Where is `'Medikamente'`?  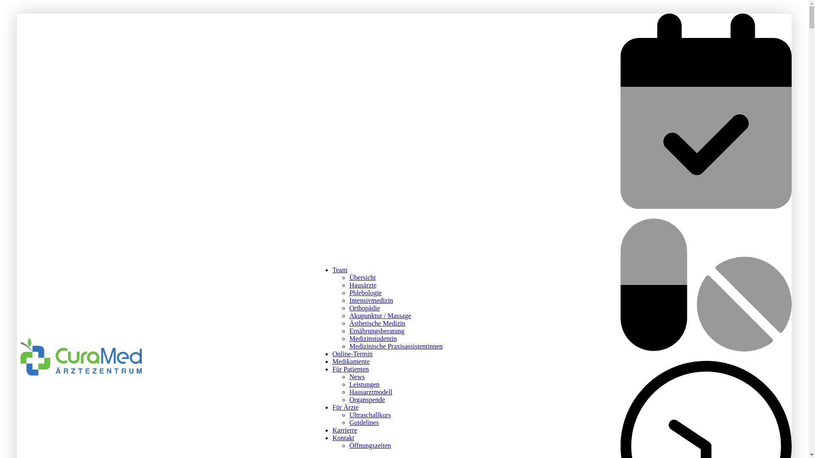 'Medikamente' is located at coordinates (351, 361).